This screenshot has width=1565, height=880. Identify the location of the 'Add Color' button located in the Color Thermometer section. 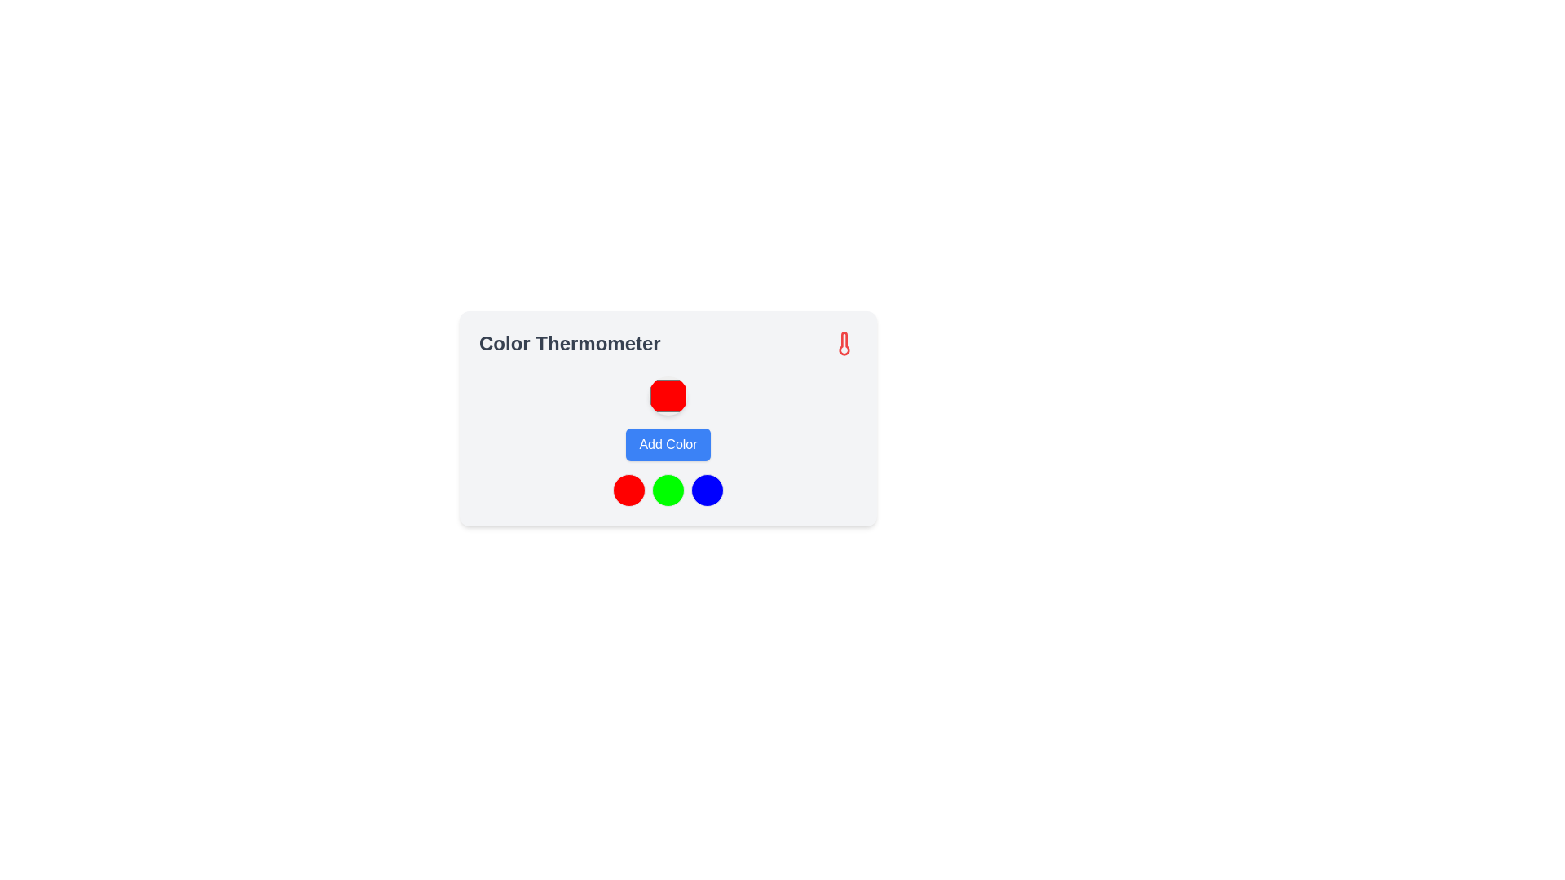
(668, 442).